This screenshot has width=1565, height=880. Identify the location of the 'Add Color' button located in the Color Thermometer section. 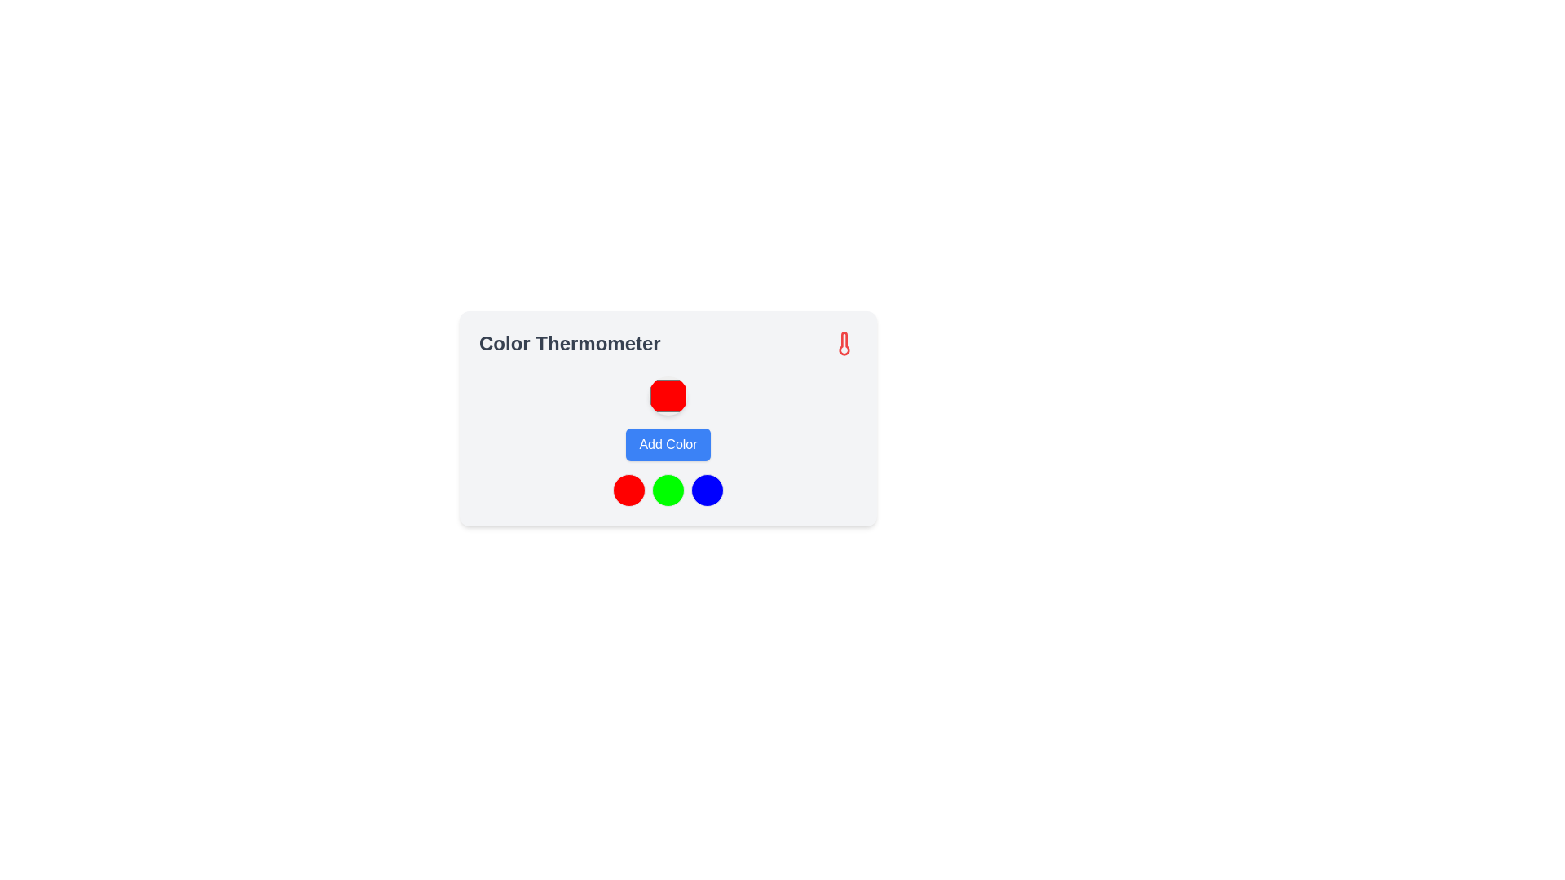
(668, 442).